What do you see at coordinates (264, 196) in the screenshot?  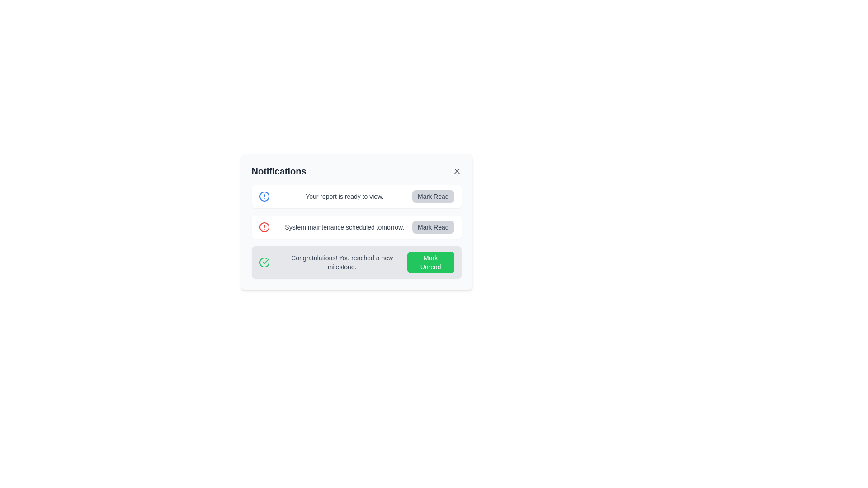 I see `the blue circular outline of the first notification icon in the notification list, which represents an alert circle for the notification titled 'Your report is ready` at bounding box center [264, 196].